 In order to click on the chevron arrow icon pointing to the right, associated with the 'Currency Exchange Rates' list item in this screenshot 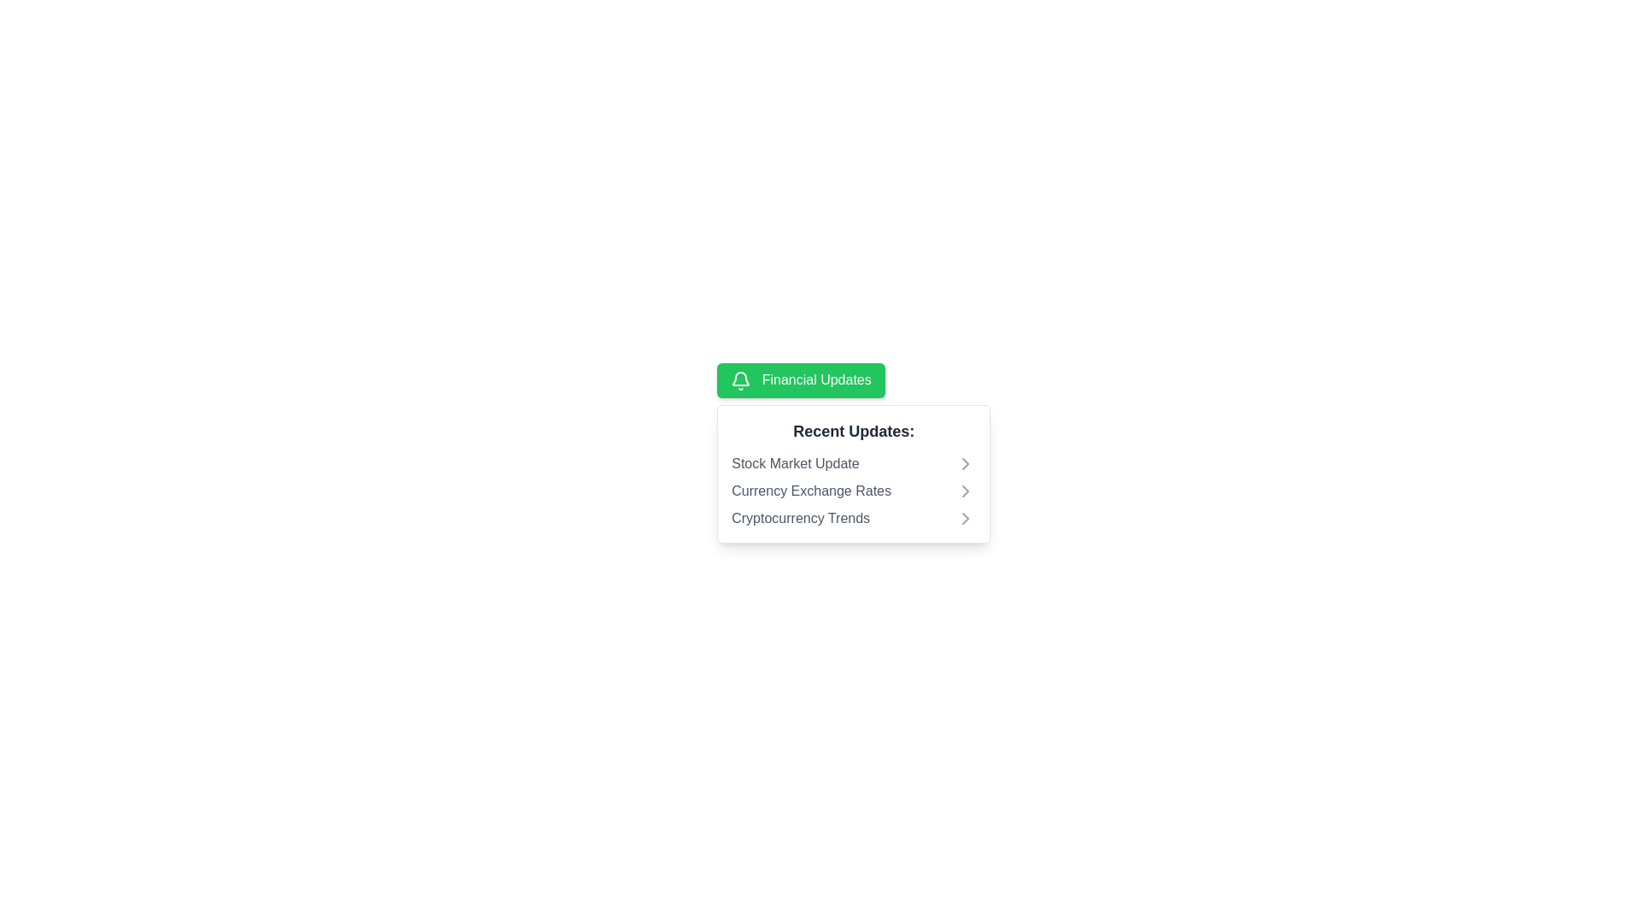, I will do `click(966, 491)`.